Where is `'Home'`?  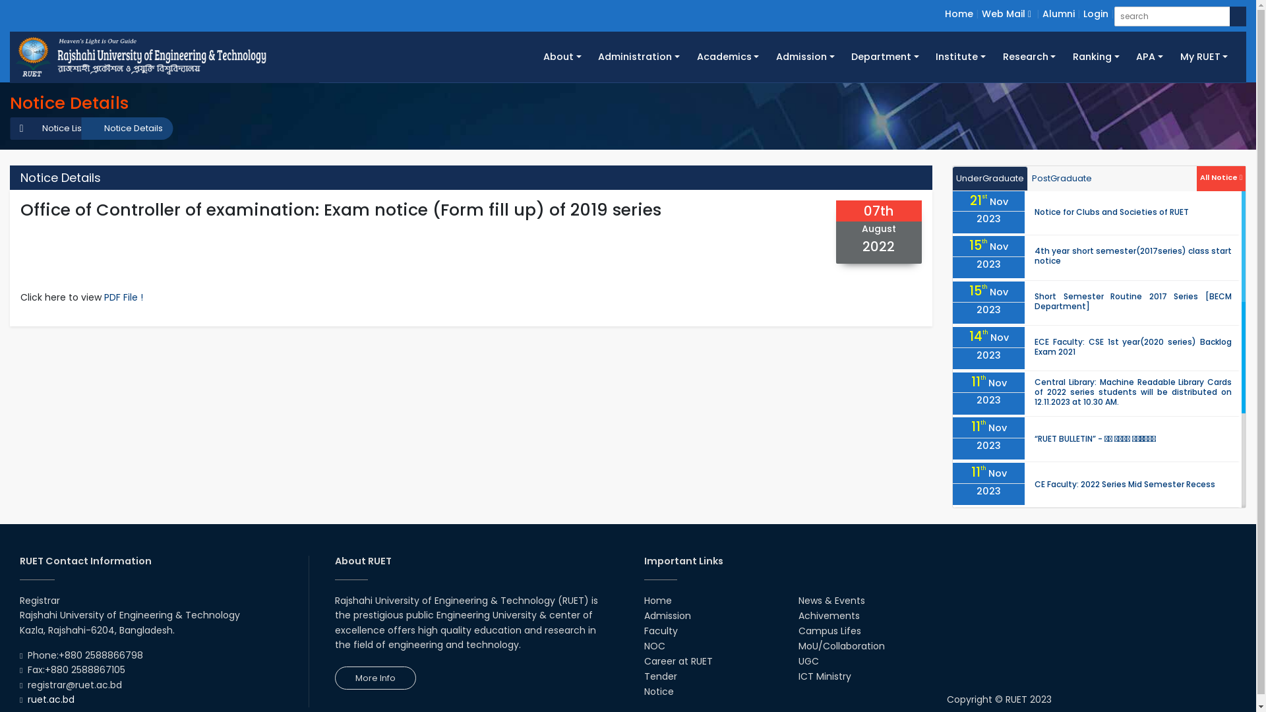 'Home' is located at coordinates (643, 600).